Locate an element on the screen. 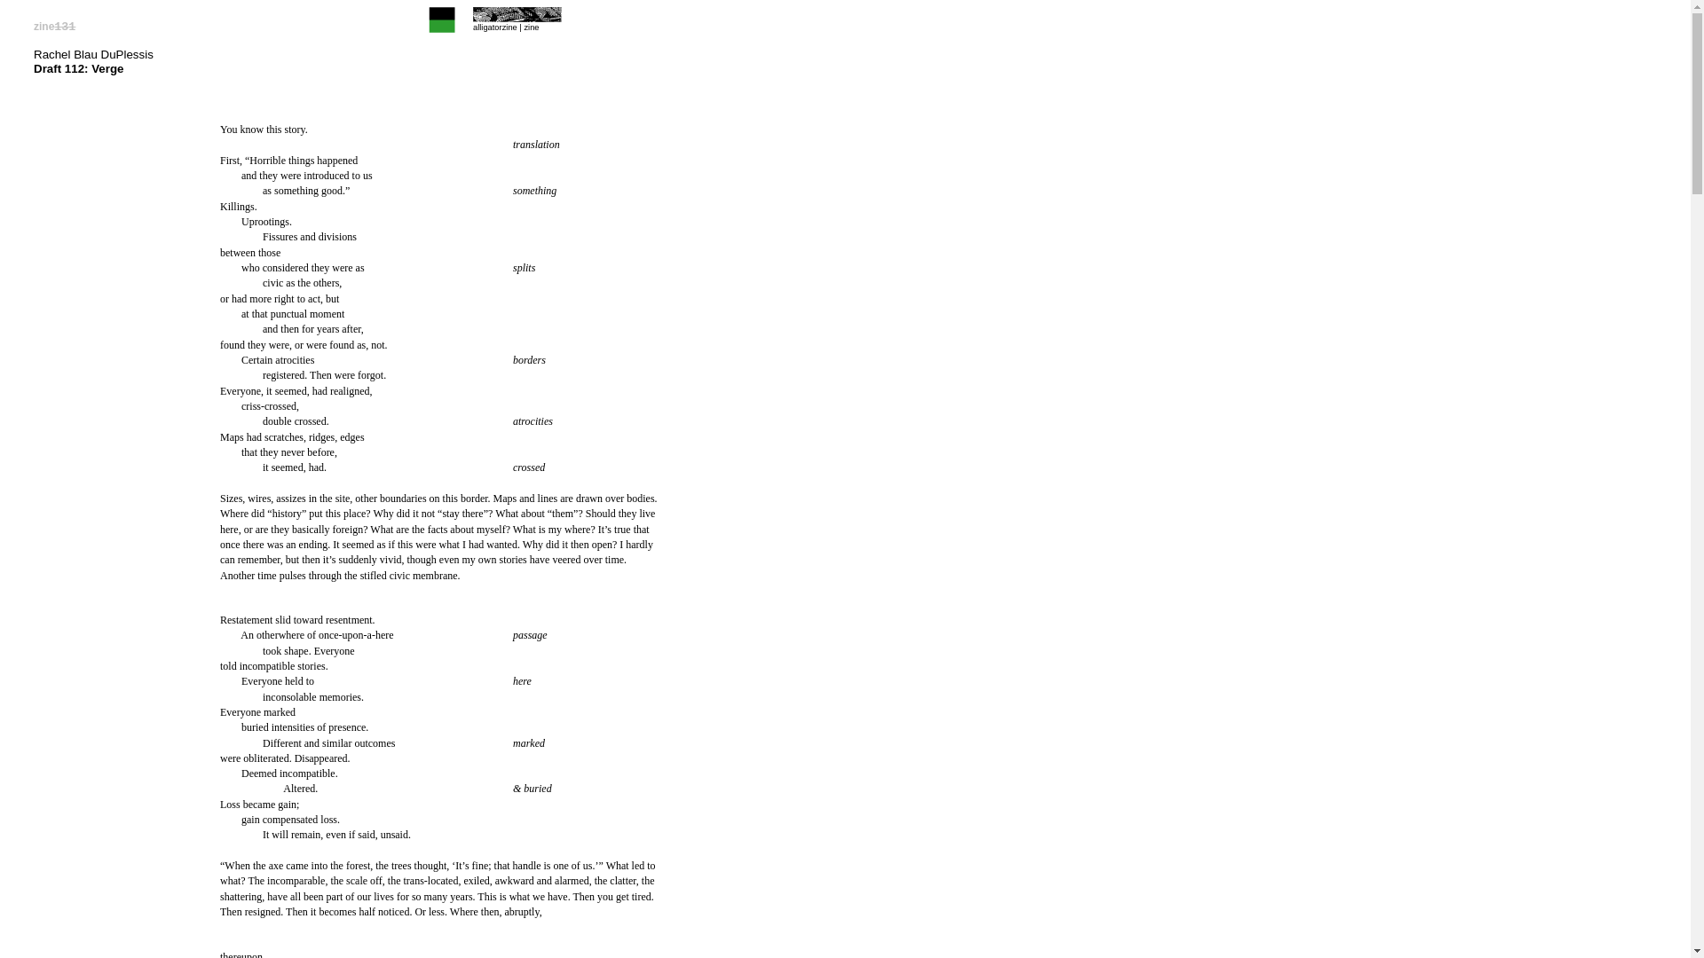 The image size is (1704, 958). 'zine' is located at coordinates (530, 27).